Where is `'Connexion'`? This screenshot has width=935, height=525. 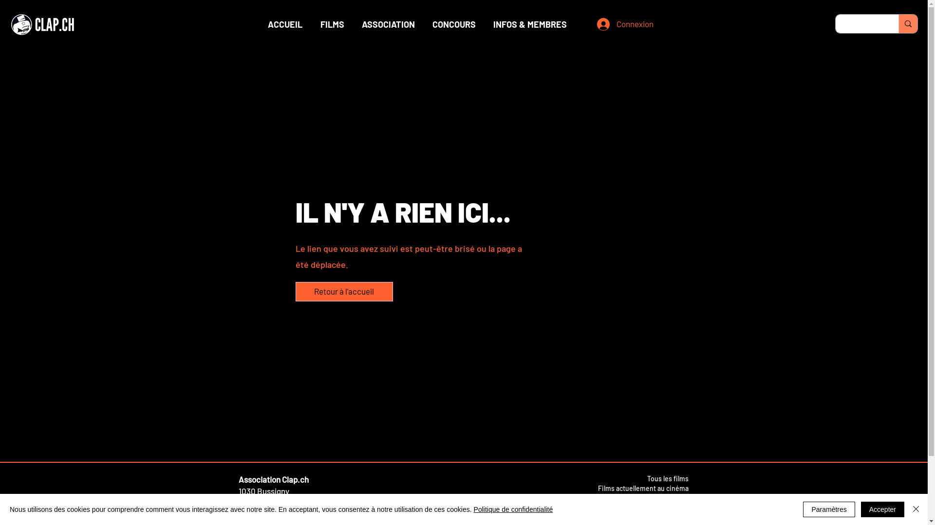
'Connexion' is located at coordinates (619, 24).